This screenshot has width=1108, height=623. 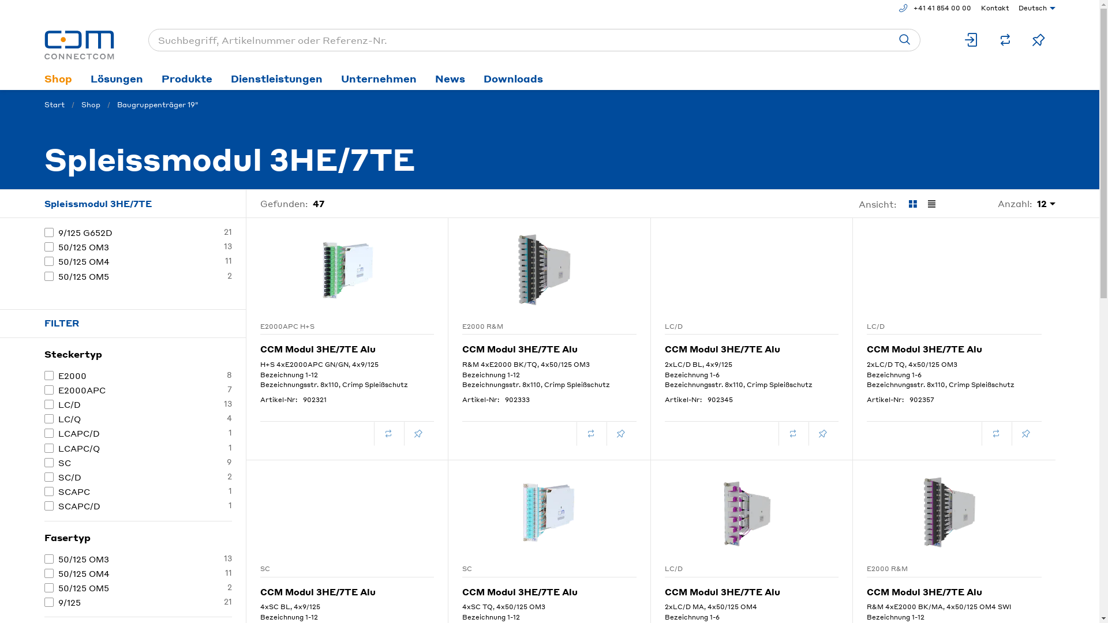 I want to click on 'Kachelansicht', so click(x=911, y=204).